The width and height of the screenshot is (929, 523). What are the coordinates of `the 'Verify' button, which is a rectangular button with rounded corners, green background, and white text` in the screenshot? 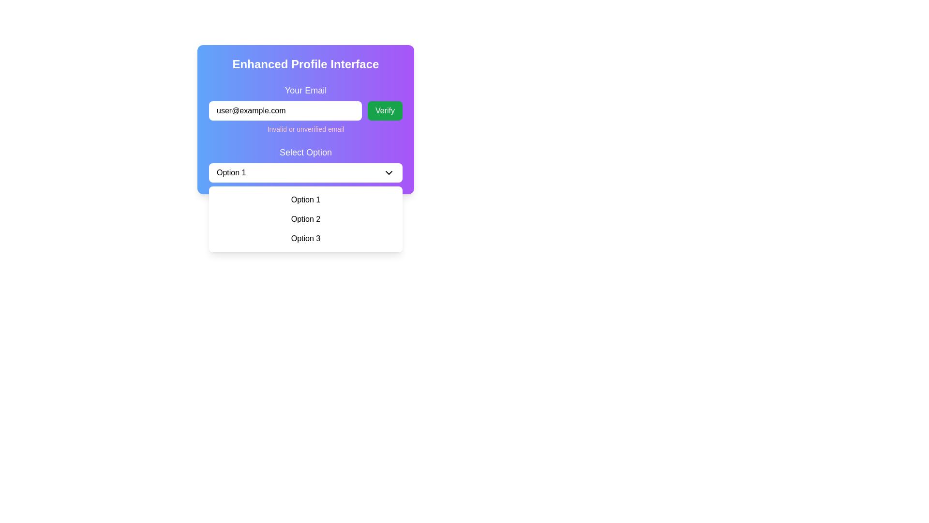 It's located at (385, 110).